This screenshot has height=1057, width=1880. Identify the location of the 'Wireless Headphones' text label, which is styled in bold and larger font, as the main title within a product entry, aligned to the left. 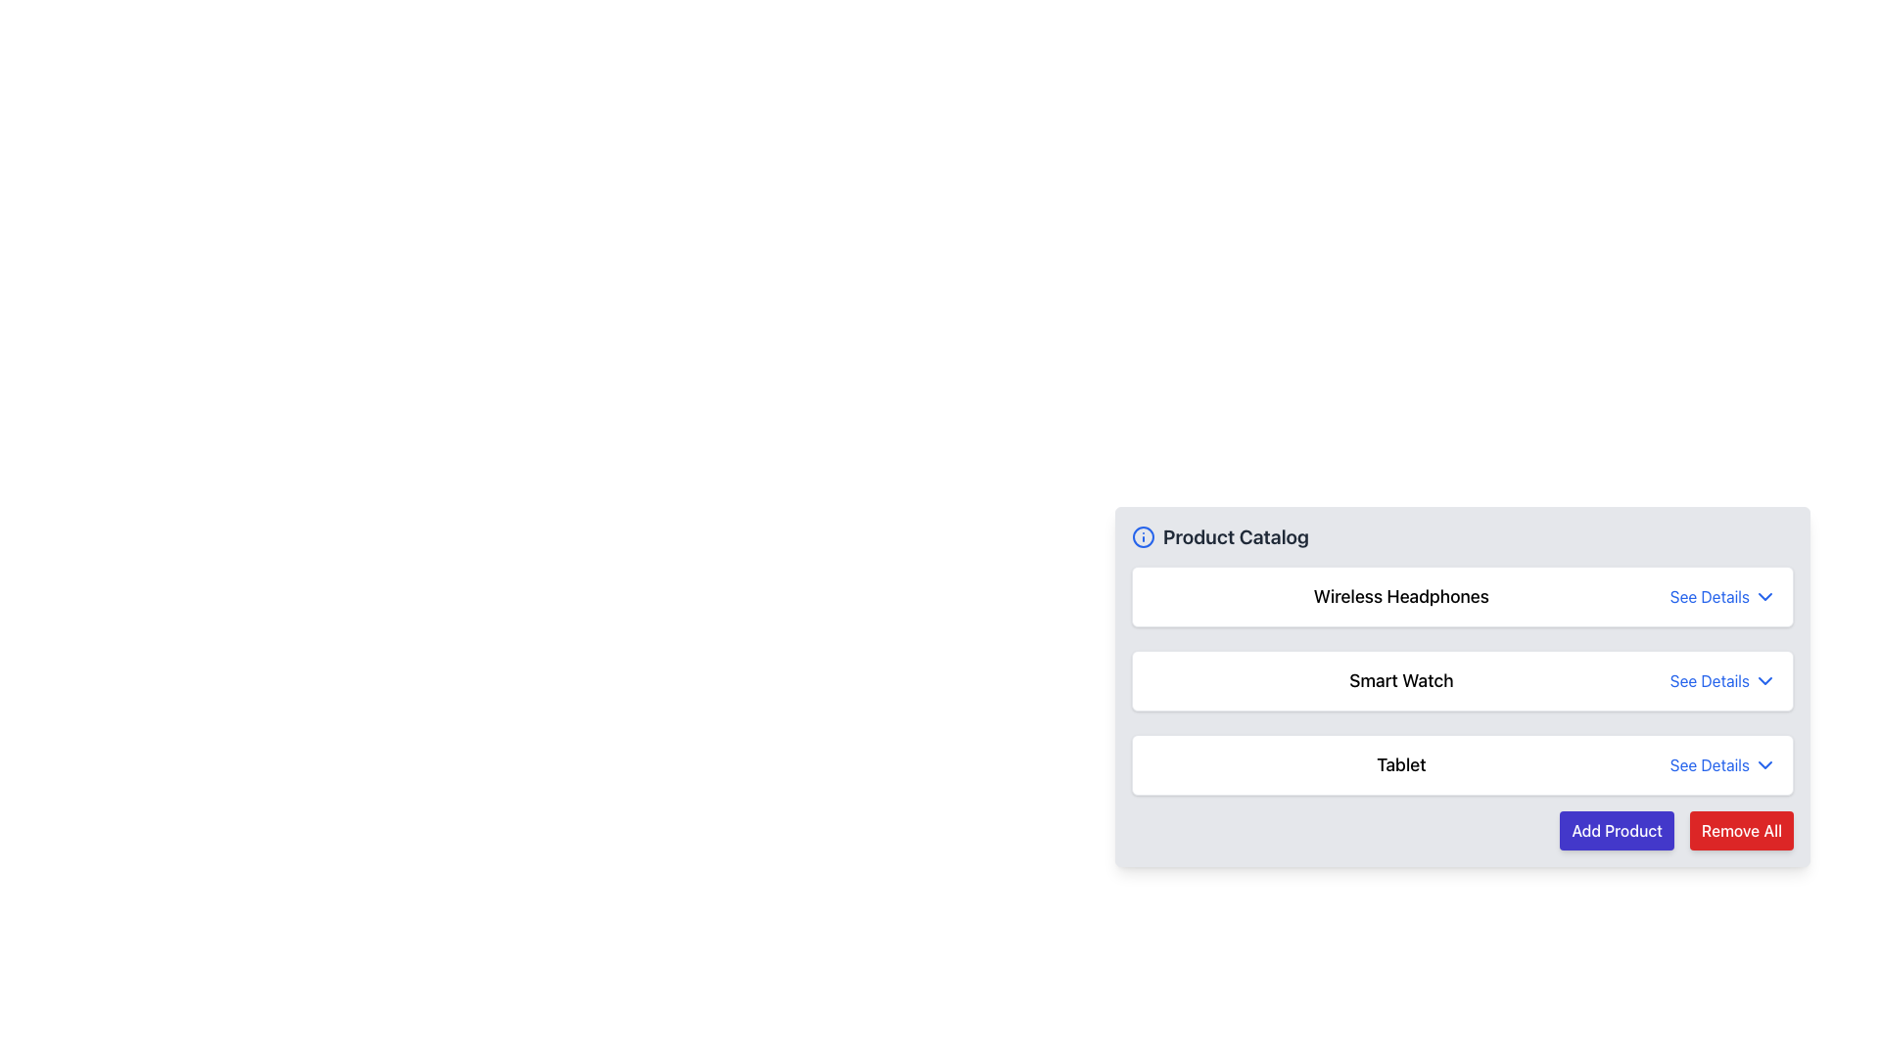
(1400, 595).